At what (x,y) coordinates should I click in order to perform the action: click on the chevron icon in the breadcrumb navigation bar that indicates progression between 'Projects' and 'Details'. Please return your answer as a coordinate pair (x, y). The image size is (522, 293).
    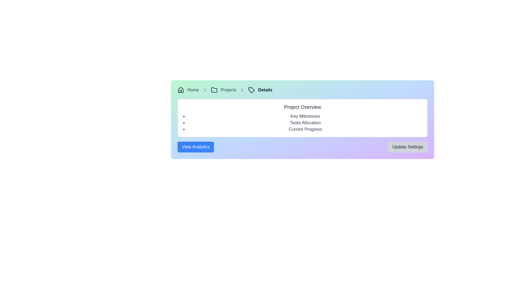
    Looking at the image, I should click on (204, 90).